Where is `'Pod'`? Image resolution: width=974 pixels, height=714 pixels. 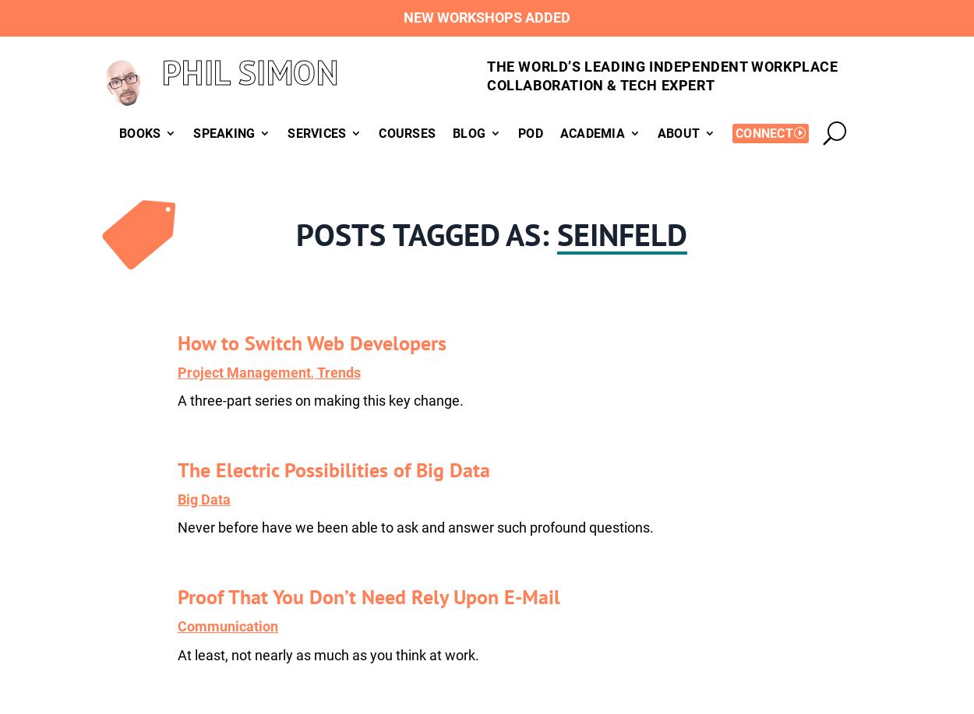
'Pod' is located at coordinates (530, 132).